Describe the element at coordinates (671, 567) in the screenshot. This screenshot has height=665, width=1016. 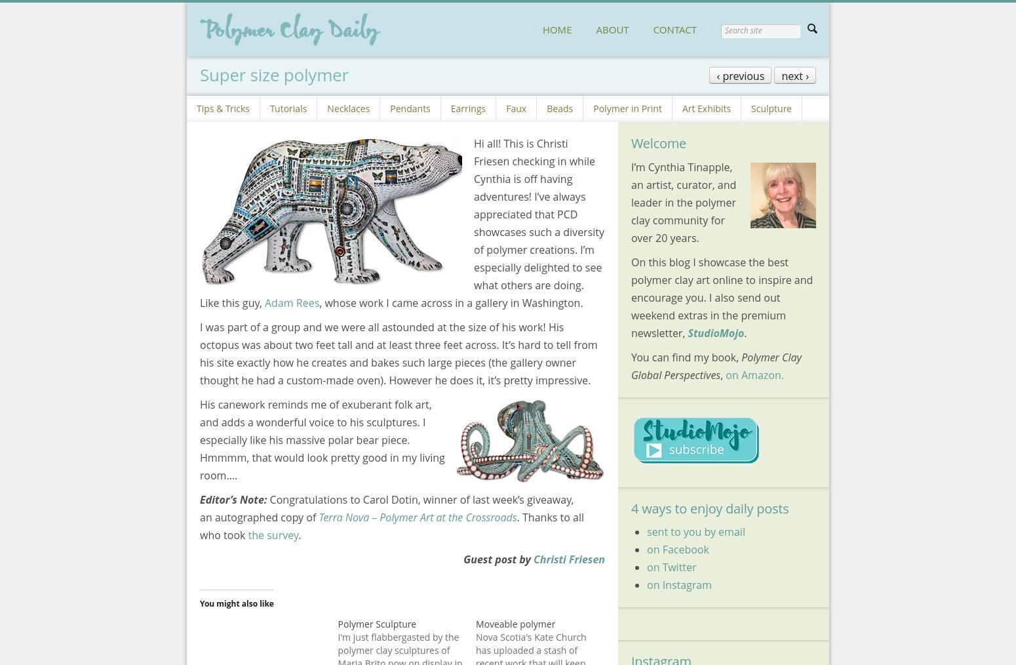
I see `'on Twitter'` at that location.